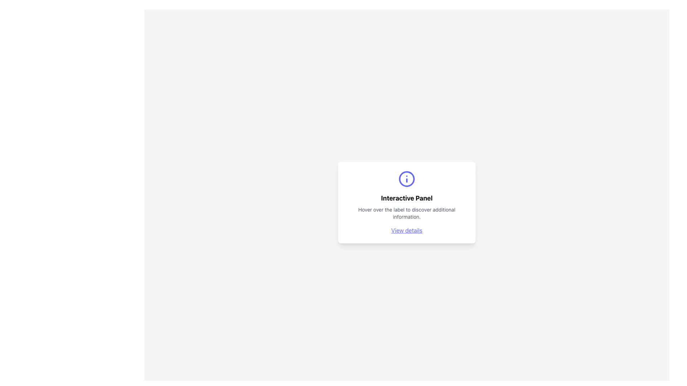 The height and width of the screenshot is (386, 687). What do you see at coordinates (407, 230) in the screenshot?
I see `the hyperlink located within the 'Interactive Panel' under the description 'Hover over the label to discover additional information'` at bounding box center [407, 230].